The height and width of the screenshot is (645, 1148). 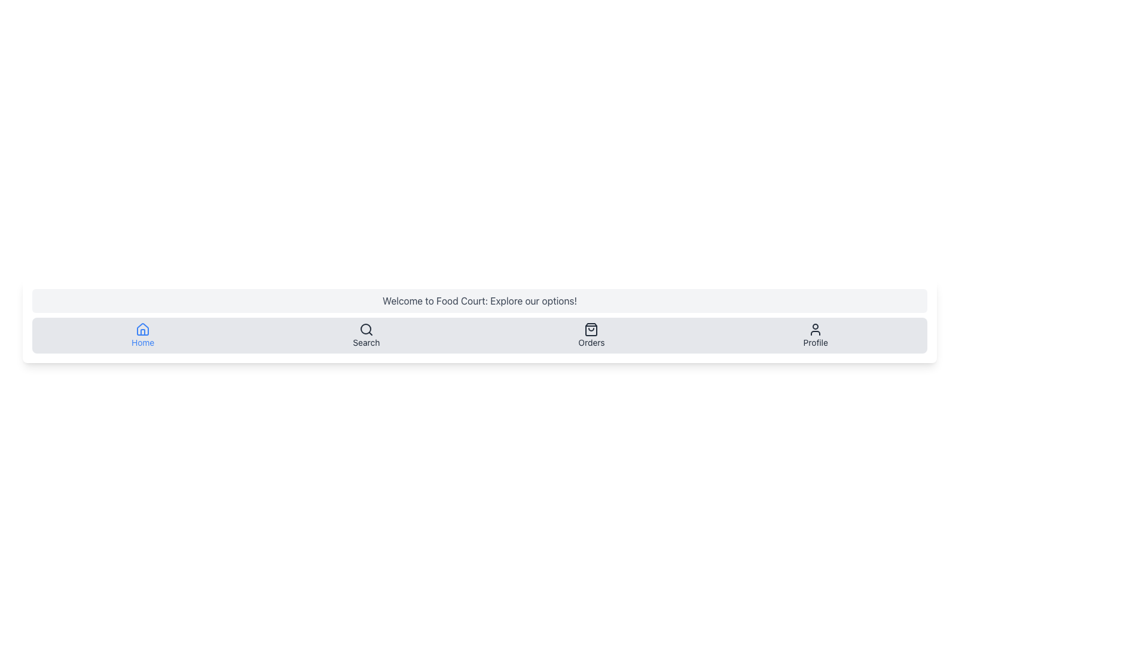 I want to click on the 'Orders' button in the navigation bar, which features a shopping bag icon and gray text, so click(x=591, y=336).